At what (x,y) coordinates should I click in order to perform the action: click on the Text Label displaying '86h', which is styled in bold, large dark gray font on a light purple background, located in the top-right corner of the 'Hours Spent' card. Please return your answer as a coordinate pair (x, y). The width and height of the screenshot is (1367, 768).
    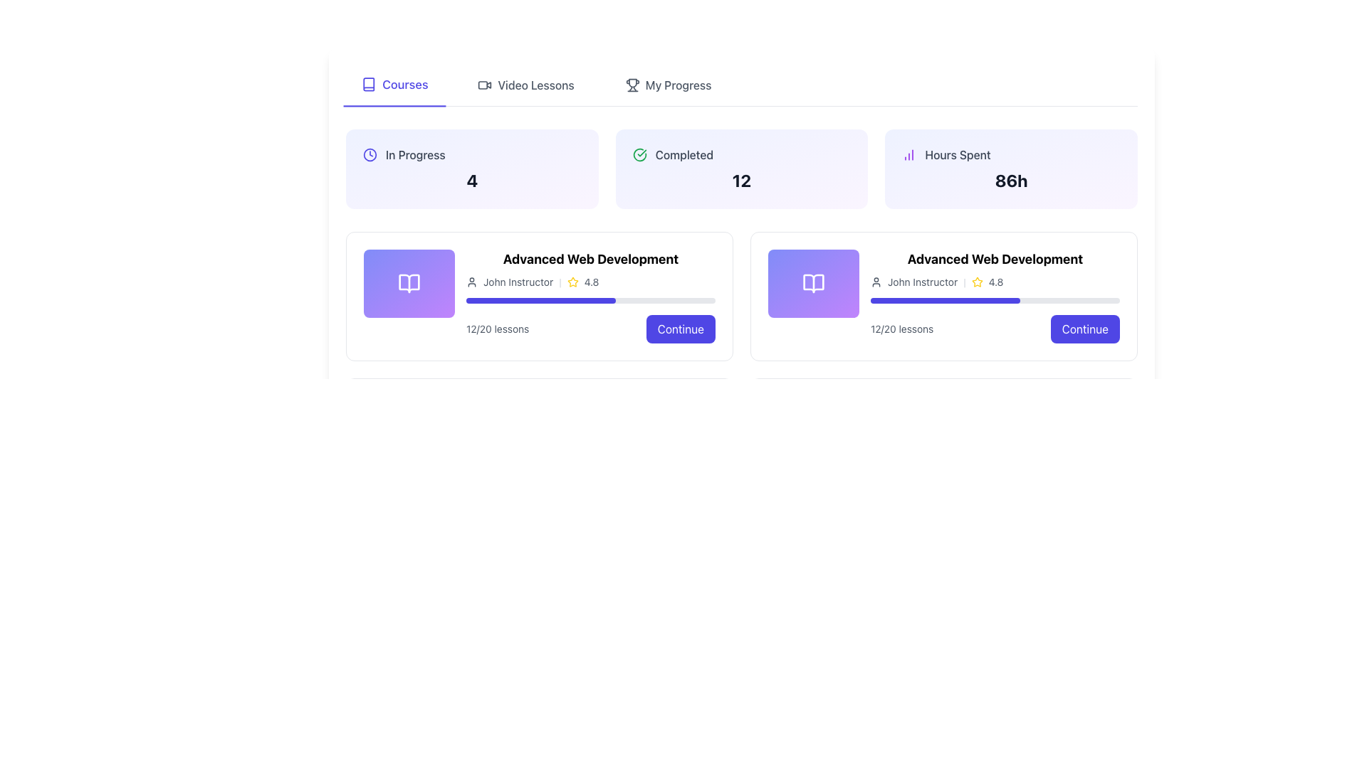
    Looking at the image, I should click on (1010, 180).